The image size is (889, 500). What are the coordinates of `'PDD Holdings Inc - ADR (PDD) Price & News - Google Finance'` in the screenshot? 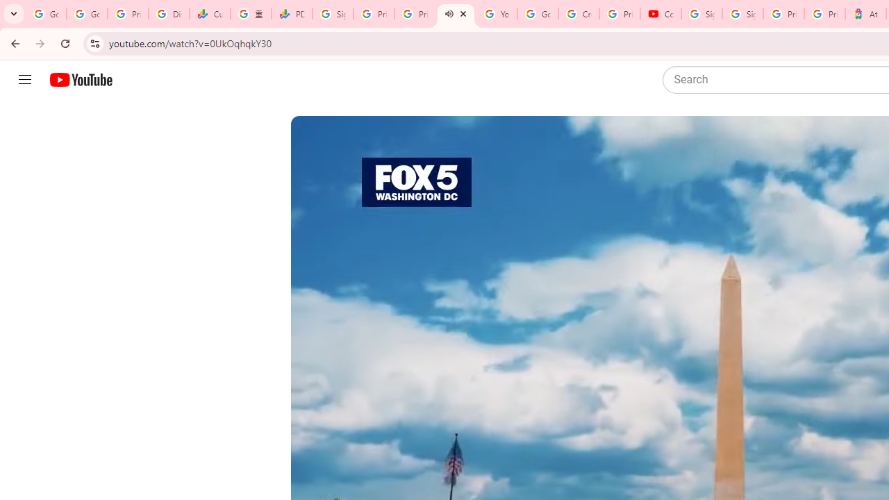 It's located at (291, 14).